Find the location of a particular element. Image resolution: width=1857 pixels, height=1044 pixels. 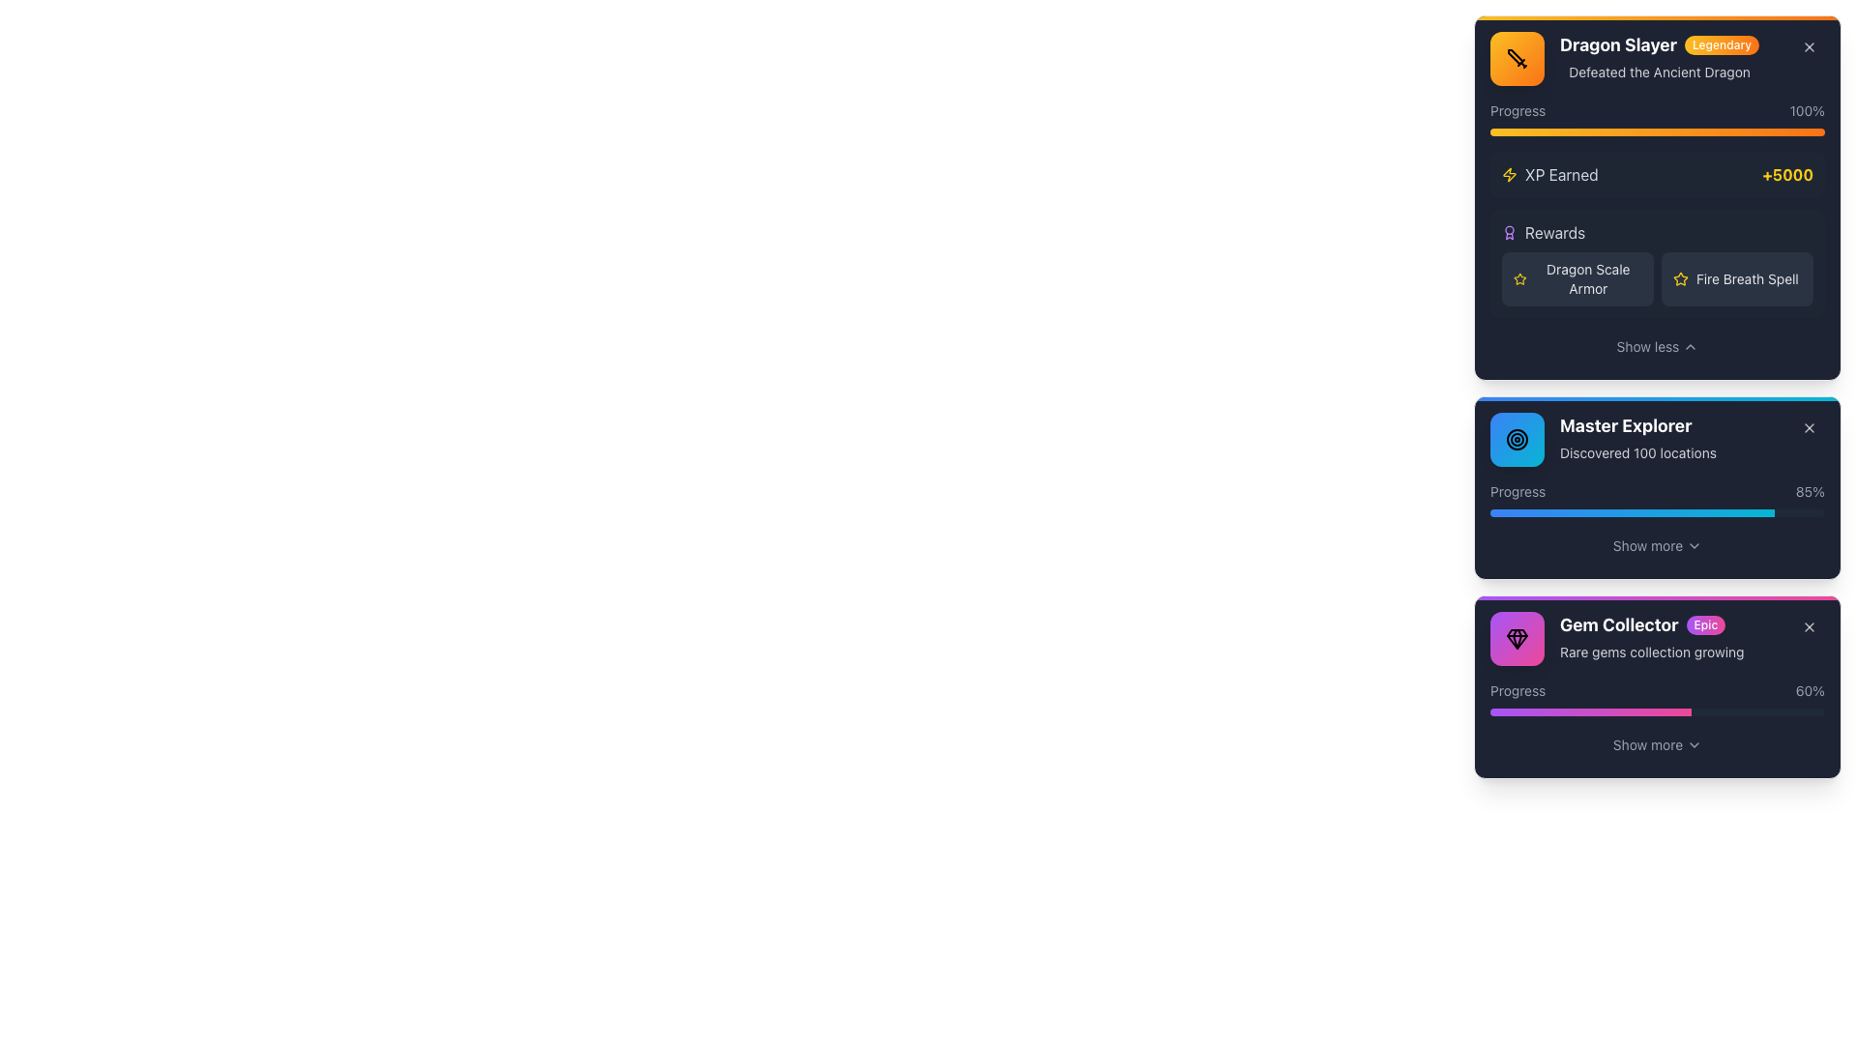

the pink gem-shaped SVG graphic icon located in the 'Gem Collector' card, which is the third card in the right-side panel is located at coordinates (1517, 639).